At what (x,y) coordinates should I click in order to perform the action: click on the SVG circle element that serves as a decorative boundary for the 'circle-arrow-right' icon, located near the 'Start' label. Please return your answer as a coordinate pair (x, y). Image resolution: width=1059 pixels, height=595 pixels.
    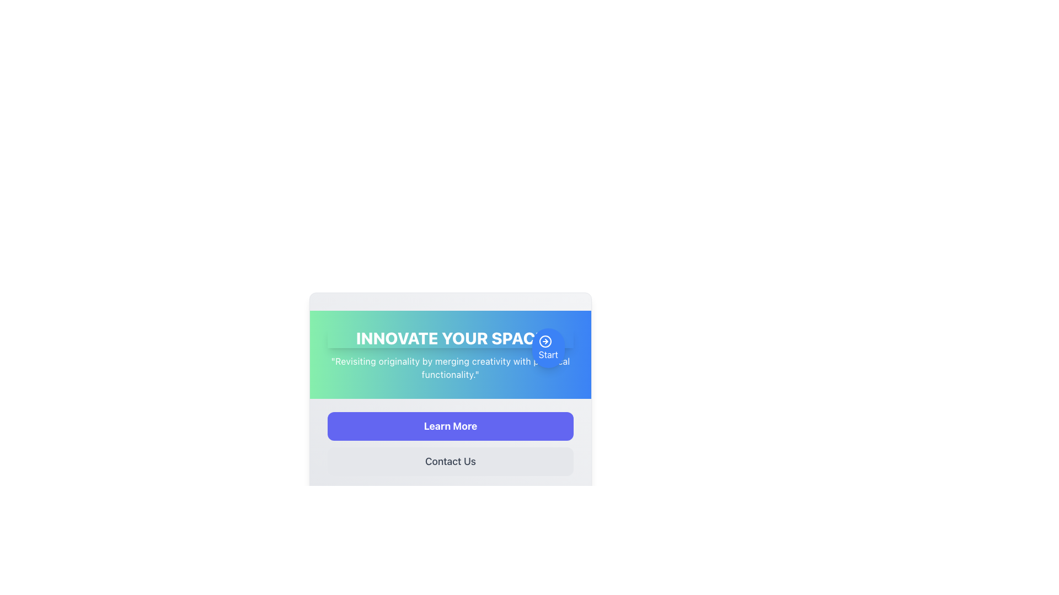
    Looking at the image, I should click on (545, 341).